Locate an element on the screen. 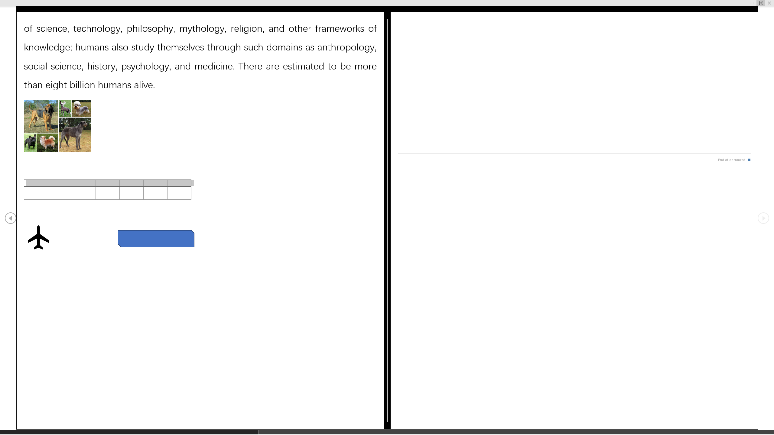 This screenshot has width=774, height=435. 'Always Show Reading Toolbar' is located at coordinates (760, 3).